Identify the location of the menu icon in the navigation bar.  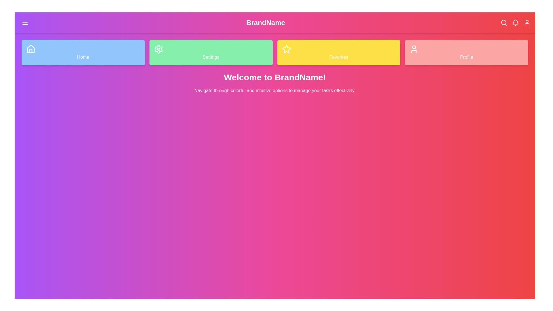
(24, 22).